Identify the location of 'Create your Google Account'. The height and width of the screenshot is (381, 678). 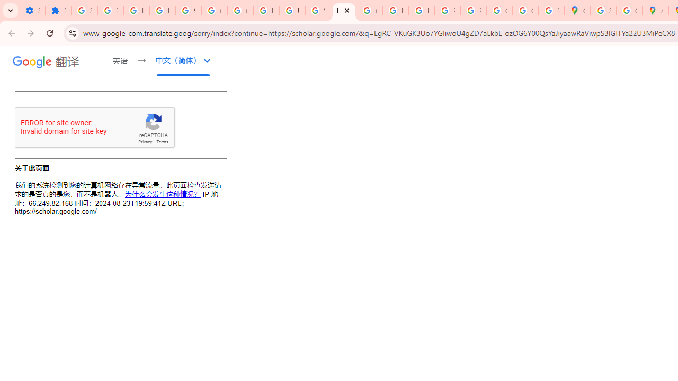
(629, 11).